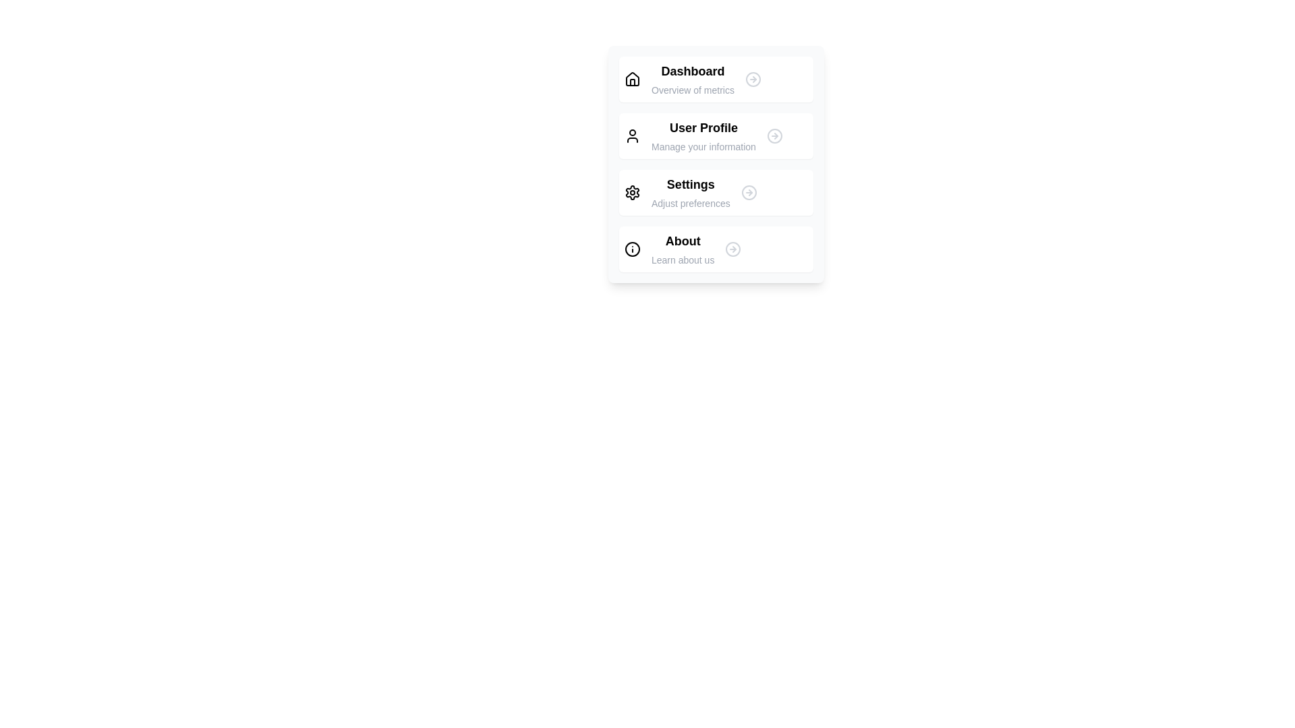 The image size is (1295, 728). I want to click on the SVG Circle element located on the right side of the 'User Profile' option in the list, which is part of an arrow icon, so click(774, 135).